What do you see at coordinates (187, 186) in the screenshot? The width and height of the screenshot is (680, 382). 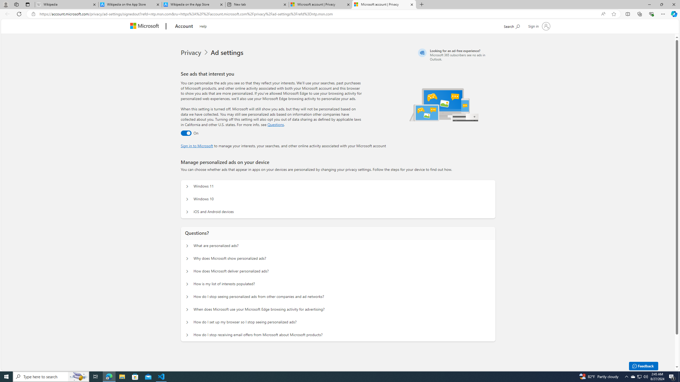 I see `'Manage personalized ads on your device Windows 11'` at bounding box center [187, 186].